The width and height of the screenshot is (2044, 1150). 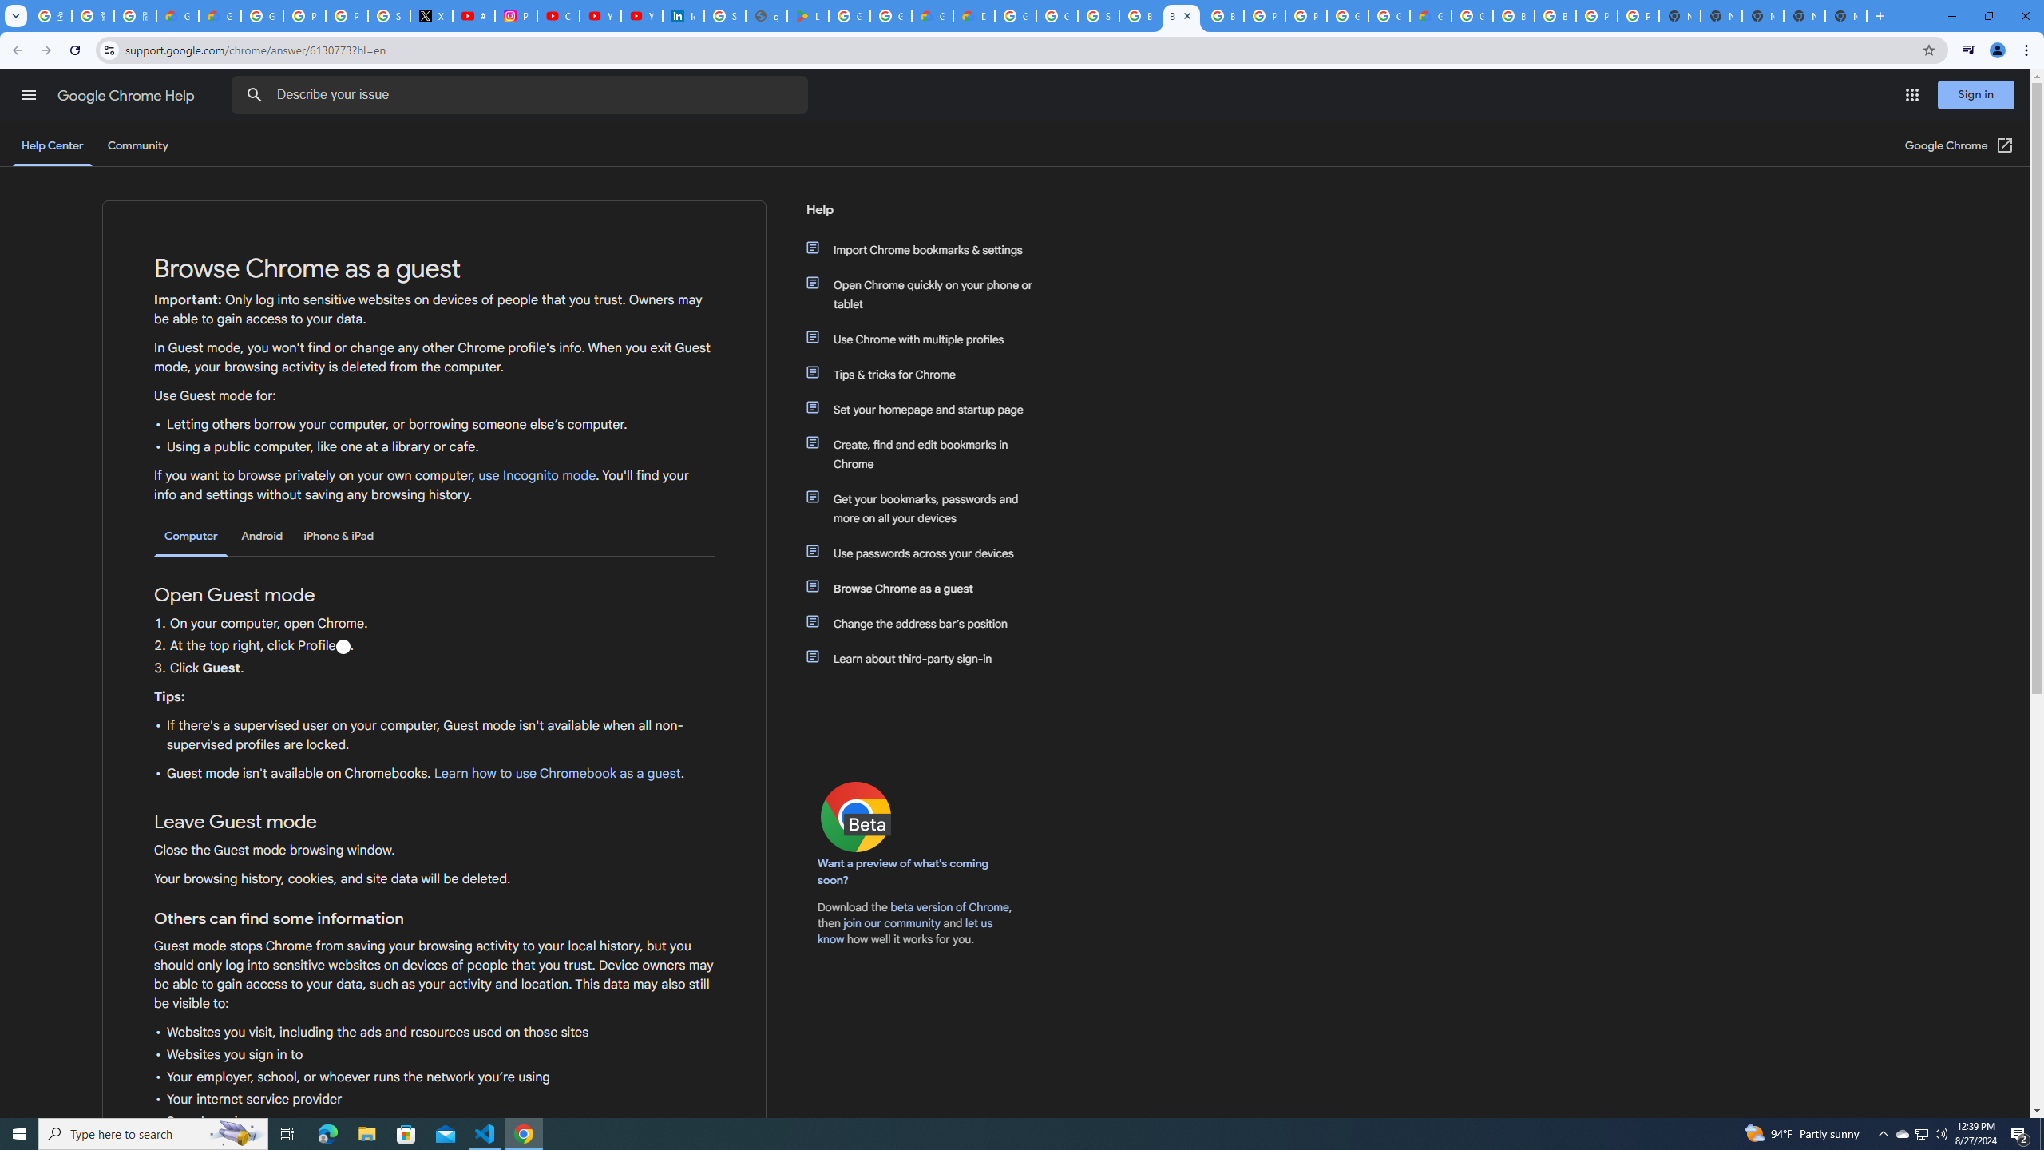 What do you see at coordinates (473, 15) in the screenshot?
I see `'#nbabasketballhighlights - YouTube'` at bounding box center [473, 15].